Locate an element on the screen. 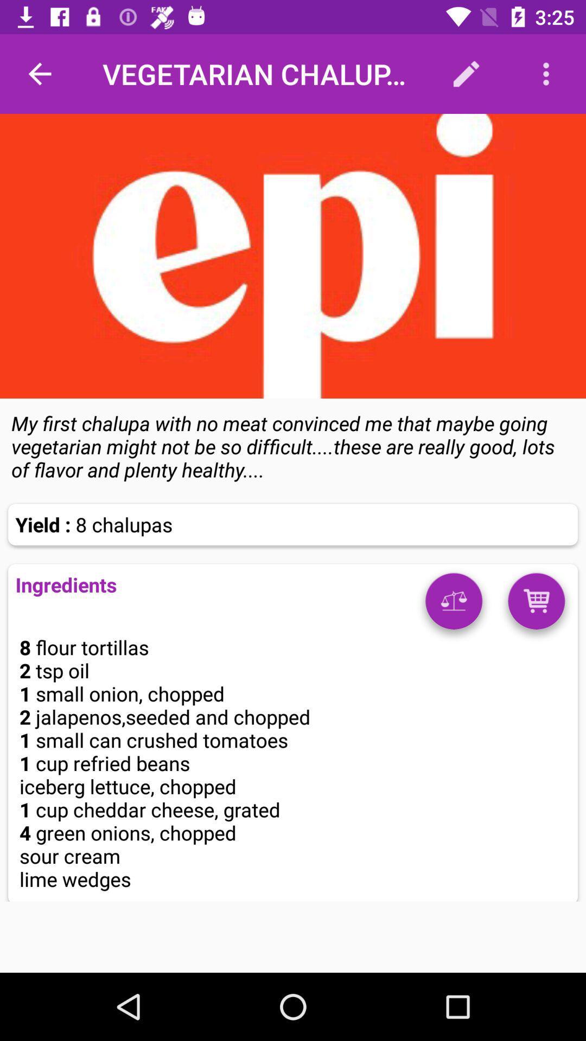 Image resolution: width=586 pixels, height=1041 pixels. information is located at coordinates (454, 605).